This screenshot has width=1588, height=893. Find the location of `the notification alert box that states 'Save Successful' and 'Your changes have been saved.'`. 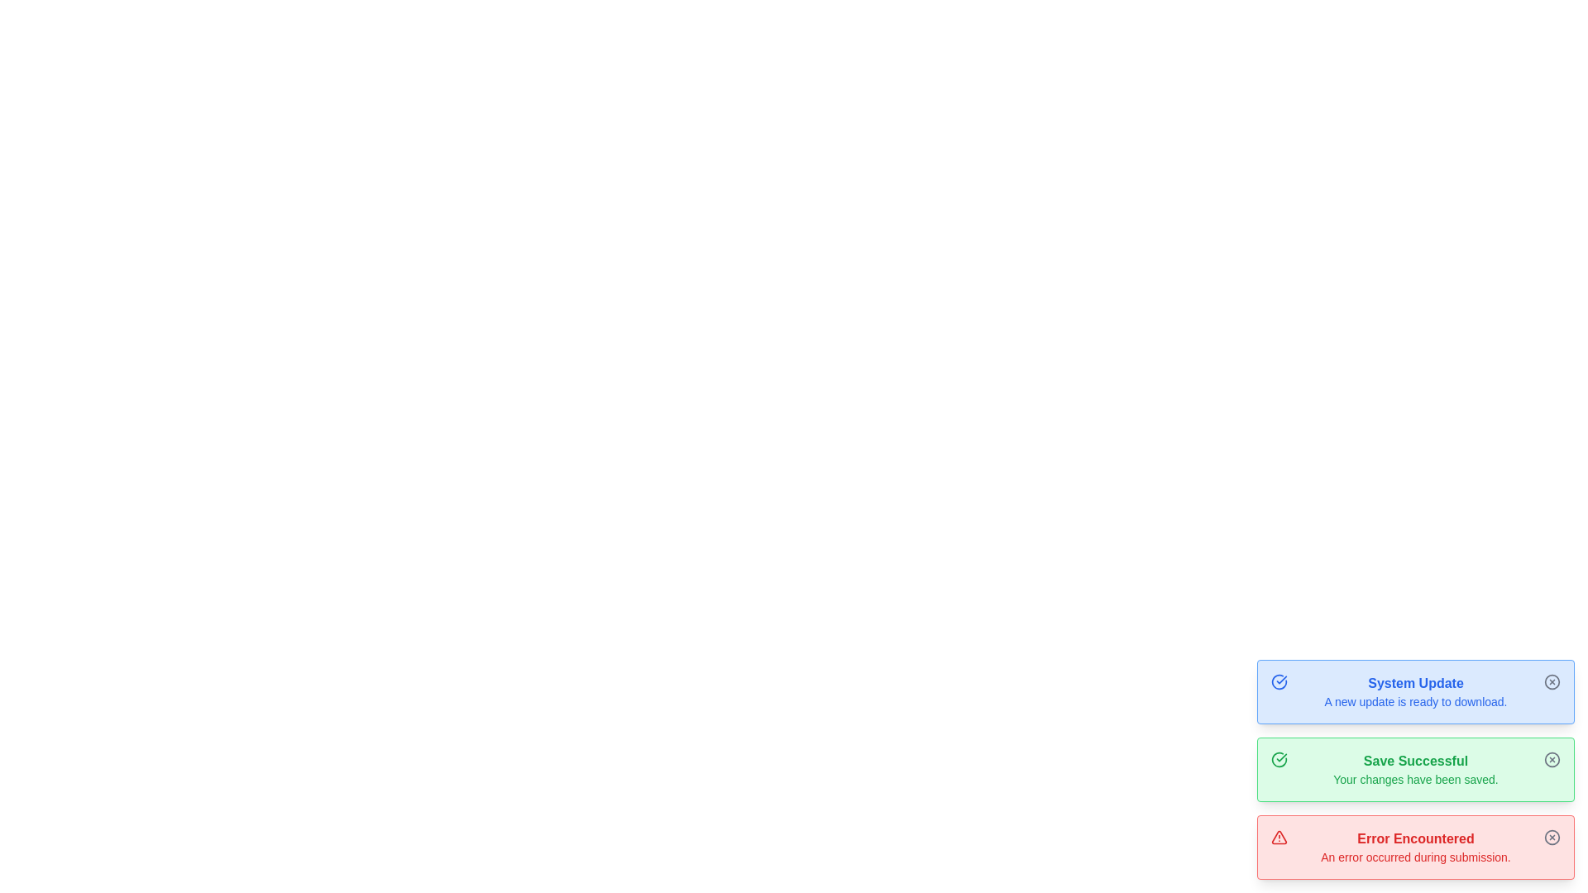

the notification alert box that states 'Save Successful' and 'Your changes have been saved.' is located at coordinates (1415, 769).